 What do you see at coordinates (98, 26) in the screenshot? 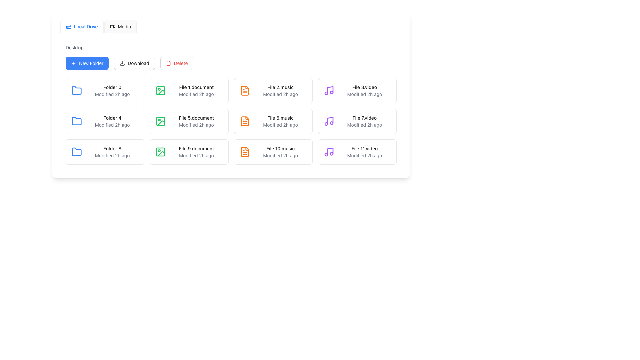
I see `the first tab item of the Tab navigation that allows users to navigate between 'Local Drive' and 'Media' sections` at bounding box center [98, 26].